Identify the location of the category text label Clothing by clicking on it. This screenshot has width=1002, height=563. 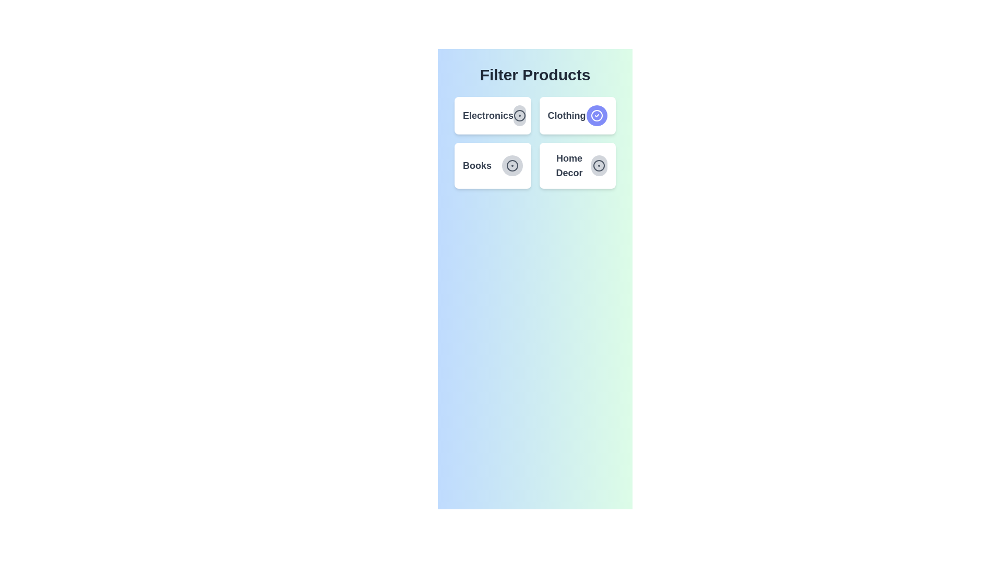
(566, 116).